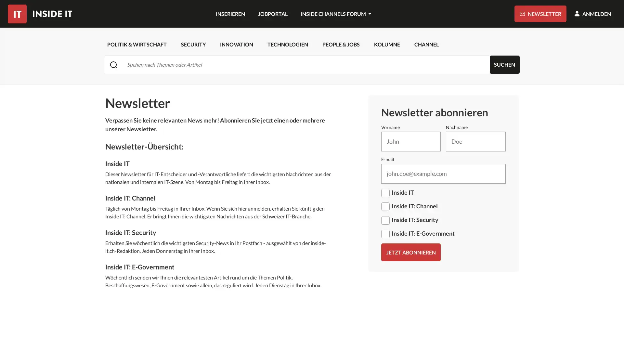  What do you see at coordinates (410, 252) in the screenshot?
I see `JETZT ABONNIEREN` at bounding box center [410, 252].